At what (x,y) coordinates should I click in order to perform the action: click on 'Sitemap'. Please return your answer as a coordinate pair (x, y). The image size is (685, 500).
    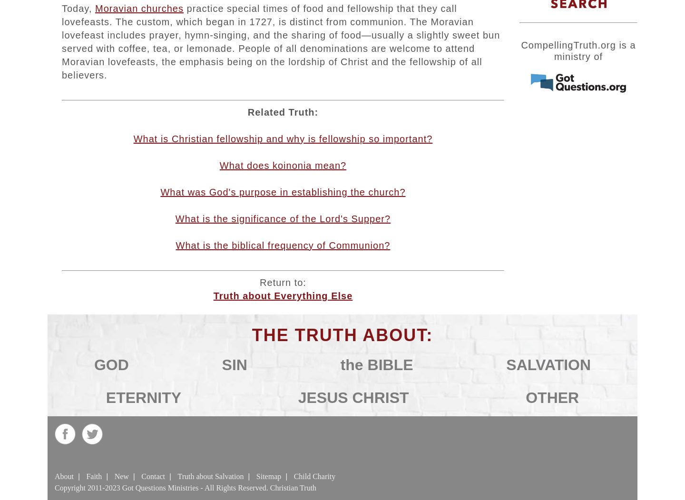
    Looking at the image, I should click on (268, 476).